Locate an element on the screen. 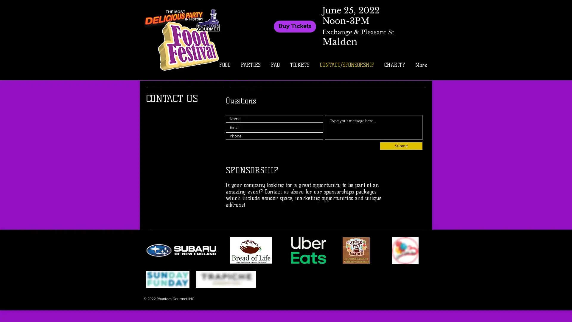  Submit is located at coordinates (401, 146).